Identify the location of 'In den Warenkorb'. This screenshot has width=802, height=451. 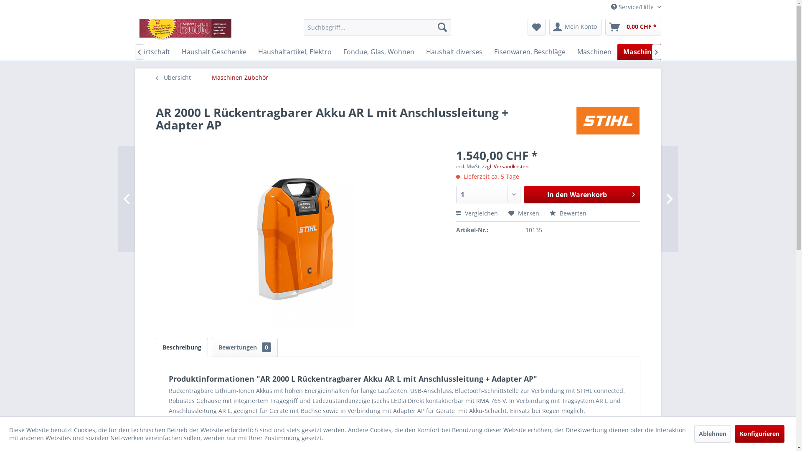
(581, 195).